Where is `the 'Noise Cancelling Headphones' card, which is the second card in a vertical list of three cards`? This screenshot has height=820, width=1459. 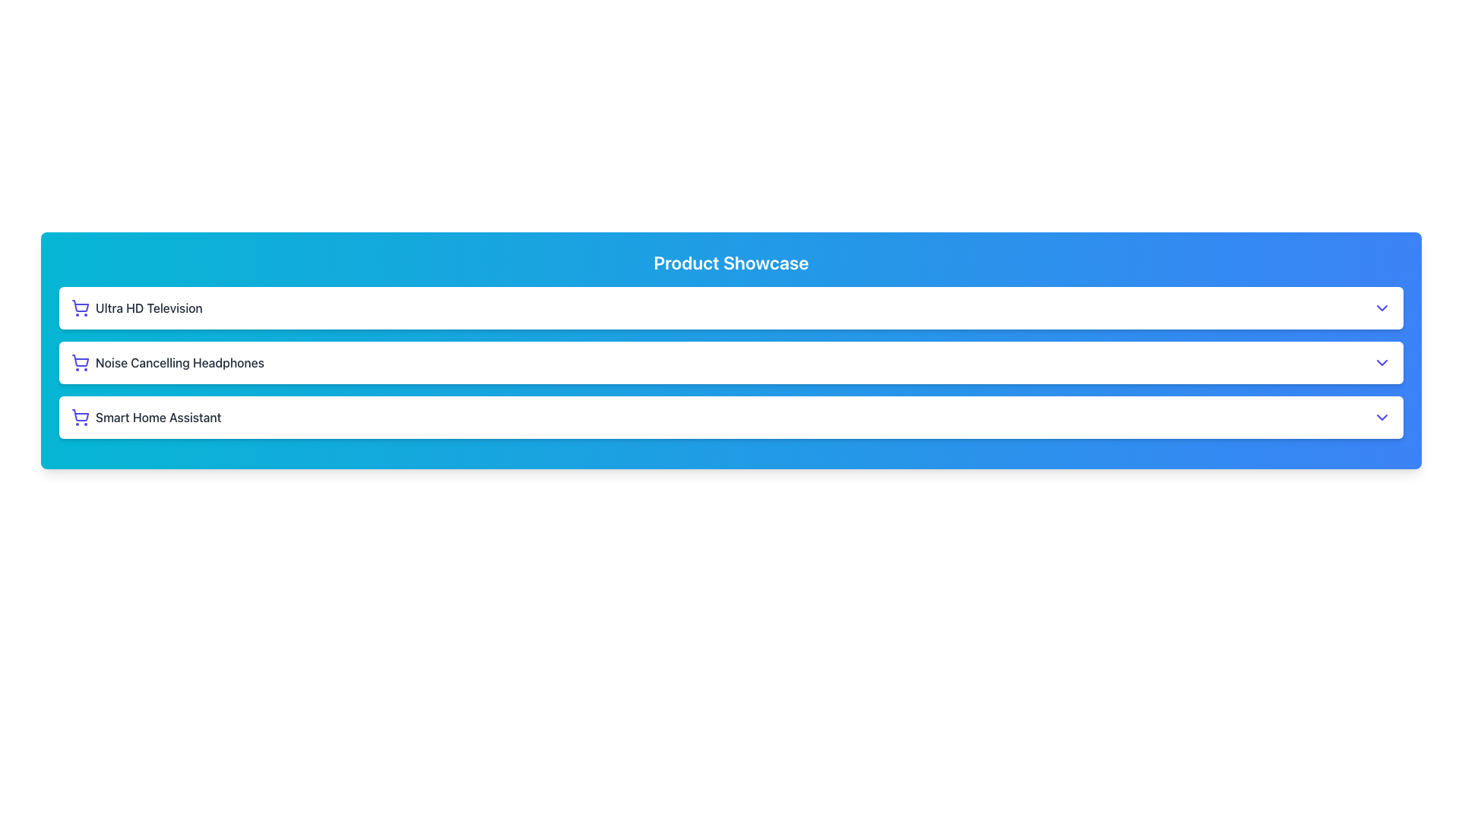 the 'Noise Cancelling Headphones' card, which is the second card in a vertical list of three cards is located at coordinates (731, 363).